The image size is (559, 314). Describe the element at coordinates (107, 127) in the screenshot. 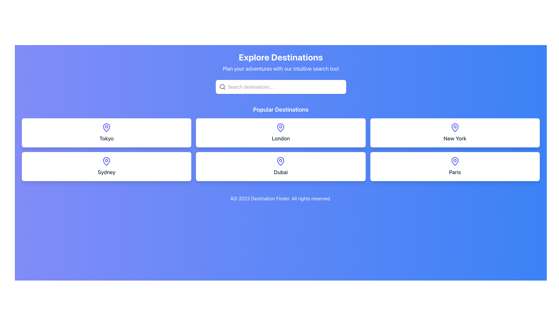

I see `location marker icon representing Tokyo, which is visually indicated as a pin icon centered above the label in the grid of popular destinations` at that location.